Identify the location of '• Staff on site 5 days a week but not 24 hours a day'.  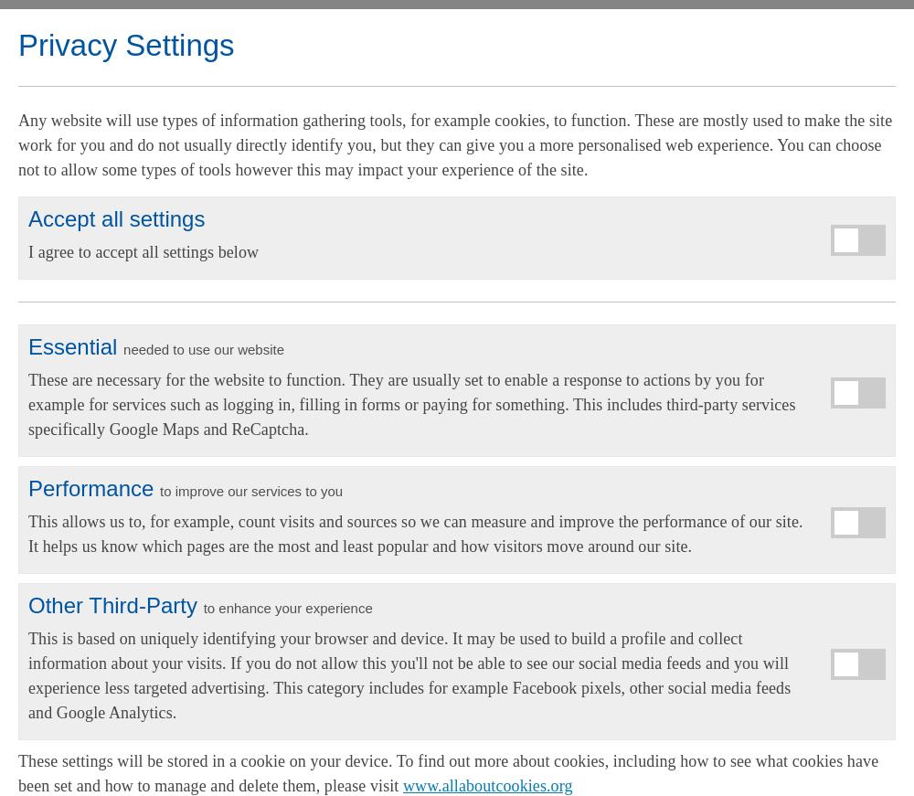
(18, 450).